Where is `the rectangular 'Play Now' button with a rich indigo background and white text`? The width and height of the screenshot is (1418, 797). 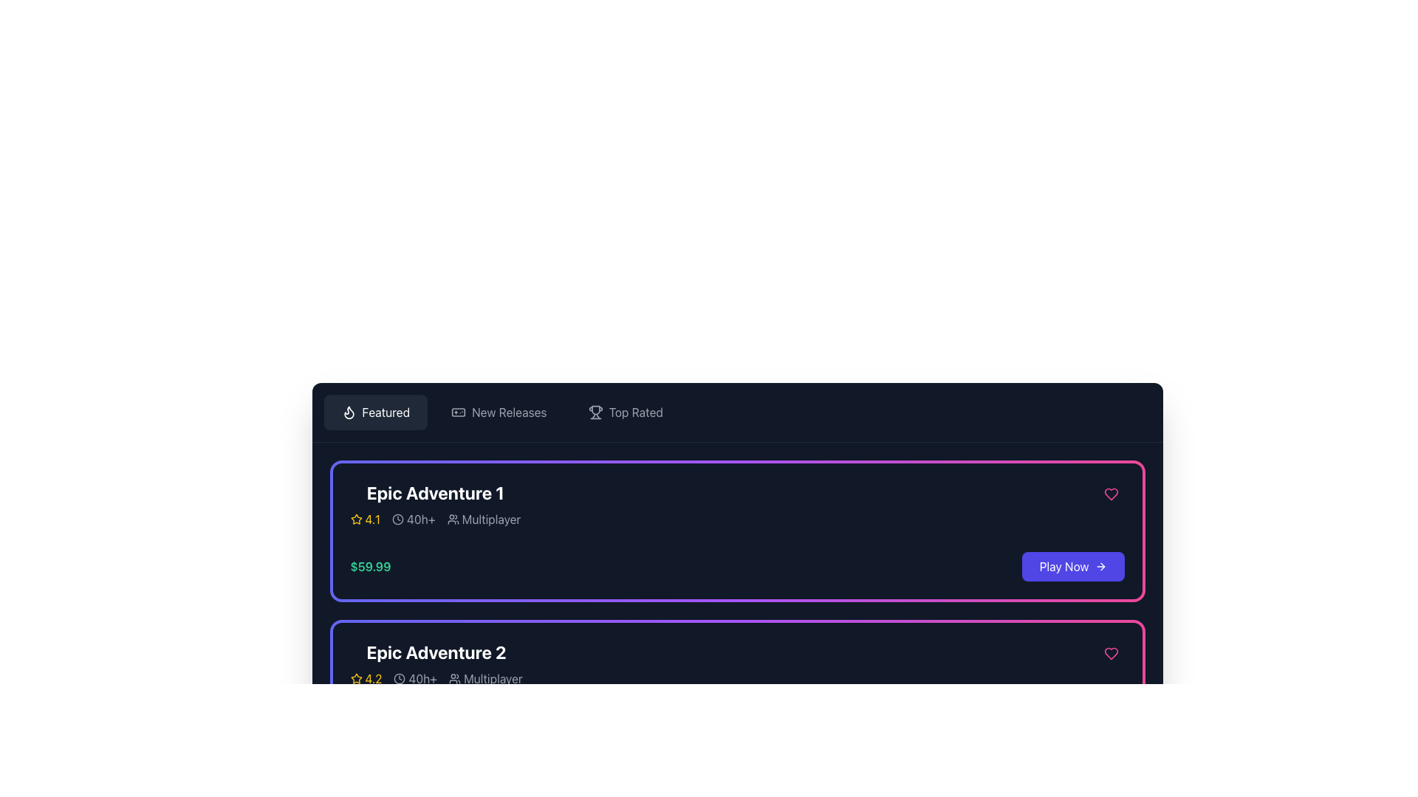
the rectangular 'Play Now' button with a rich indigo background and white text is located at coordinates (1073, 565).